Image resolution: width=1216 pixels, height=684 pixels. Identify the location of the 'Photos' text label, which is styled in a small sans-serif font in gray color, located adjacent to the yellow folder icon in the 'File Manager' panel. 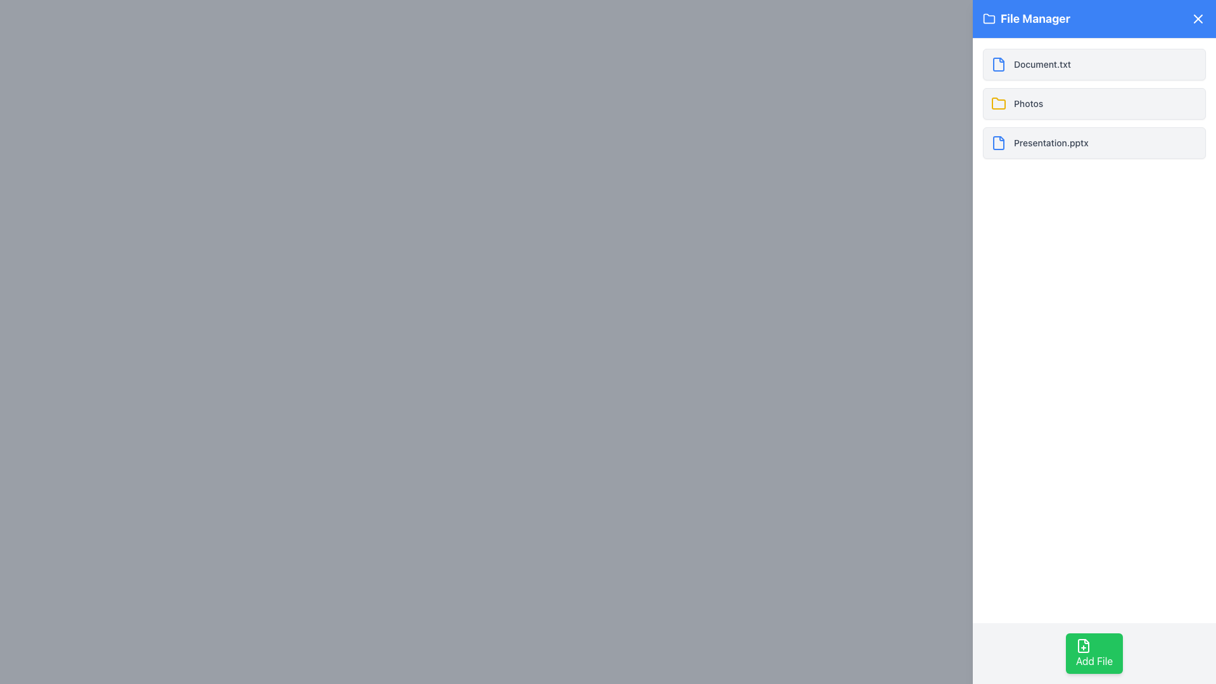
(1029, 103).